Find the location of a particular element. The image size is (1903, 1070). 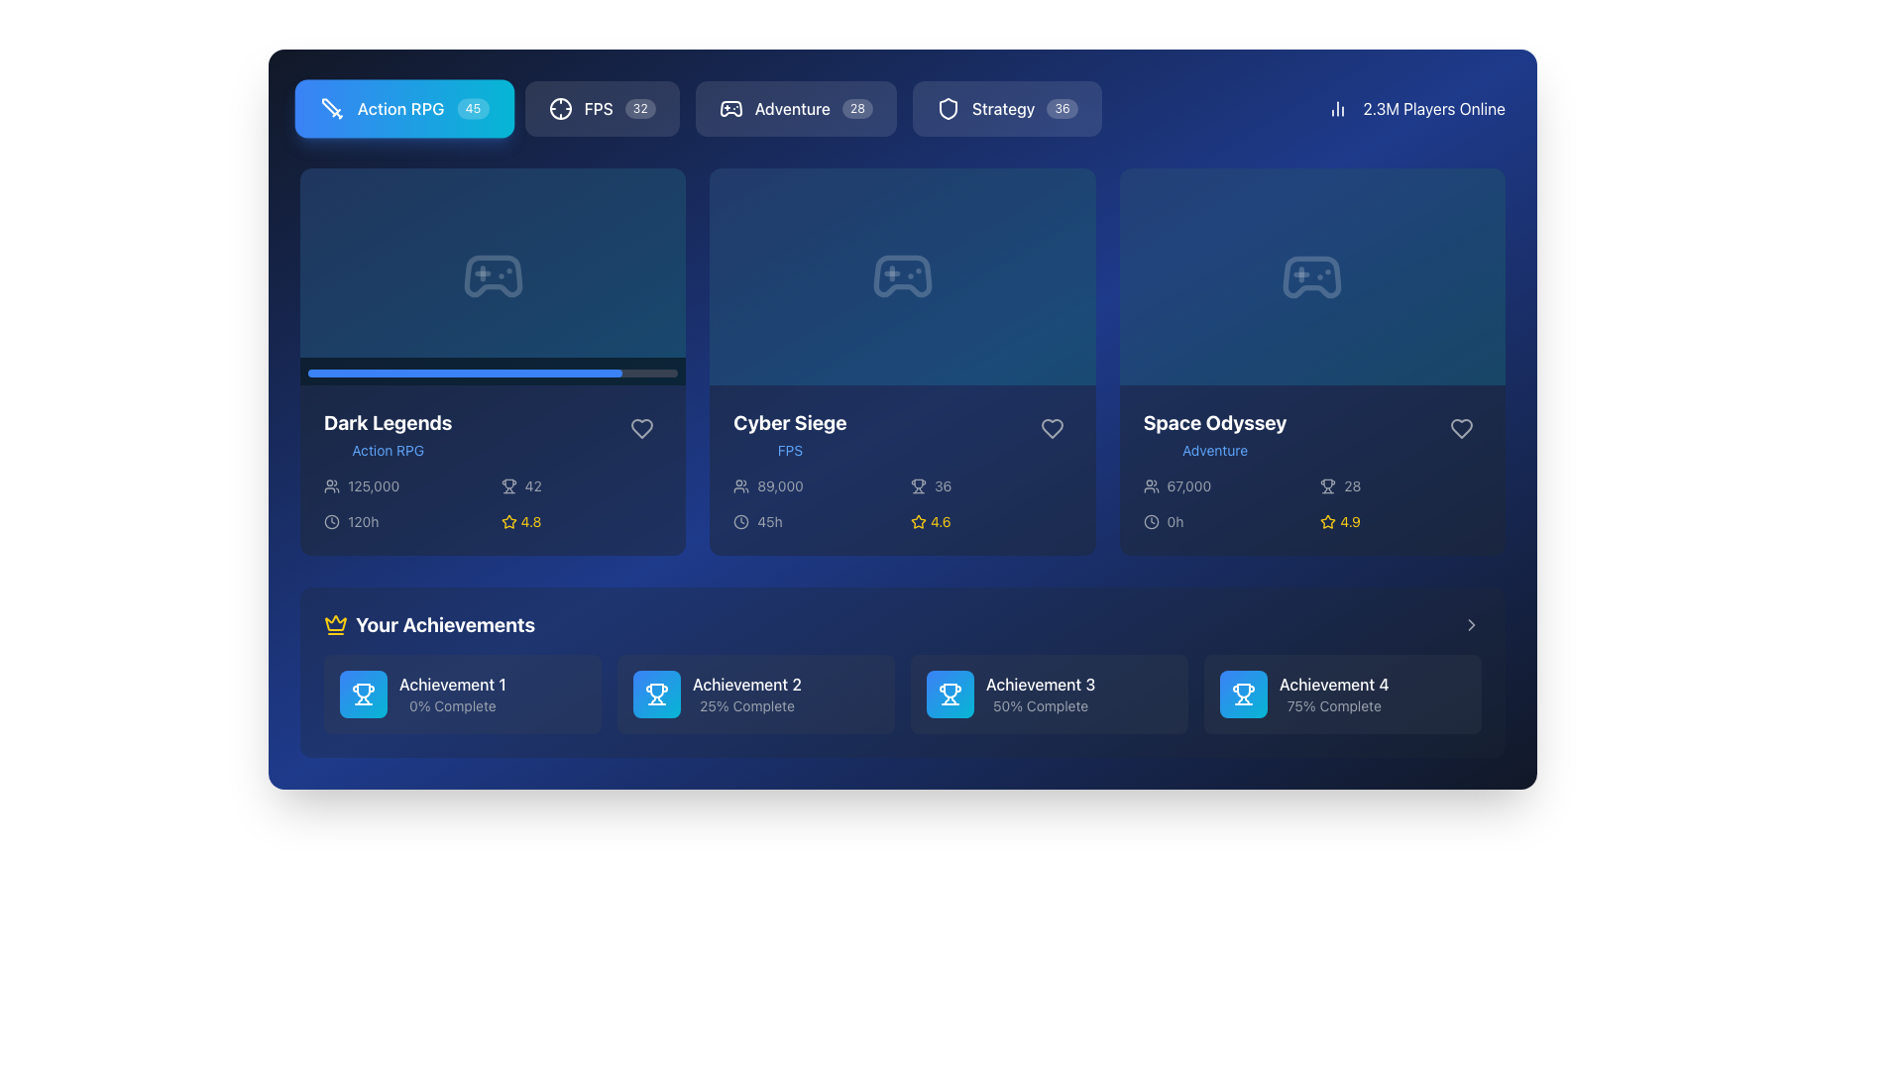

the 'Achievement 4' text label, which indicates the title of the corresponding achievement and is located in the 'Your Achievements' section, specifically positioned above '75% Complete' in the fourth achievement card is located at coordinates (1334, 683).